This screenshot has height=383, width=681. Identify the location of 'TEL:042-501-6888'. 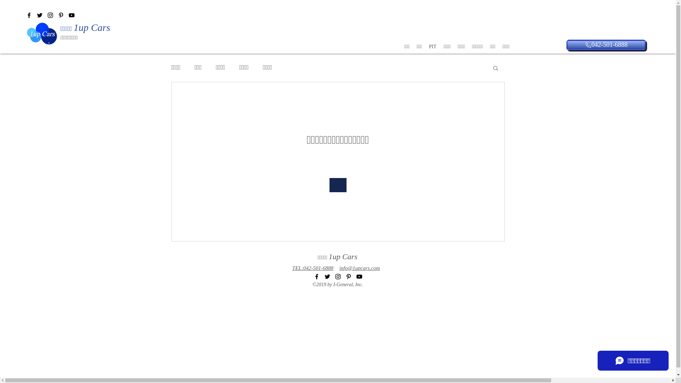
(312, 268).